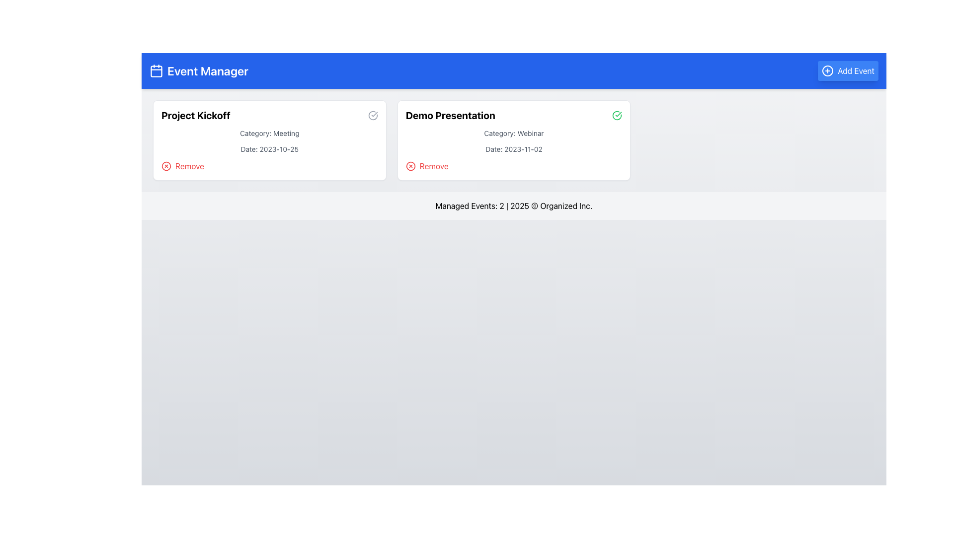 The width and height of the screenshot is (954, 536). What do you see at coordinates (269, 133) in the screenshot?
I see `text element that displays 'Category: Meeting', which is located below the title 'Project Kickoff' and above the date 'Date: 2023-10-25'` at bounding box center [269, 133].